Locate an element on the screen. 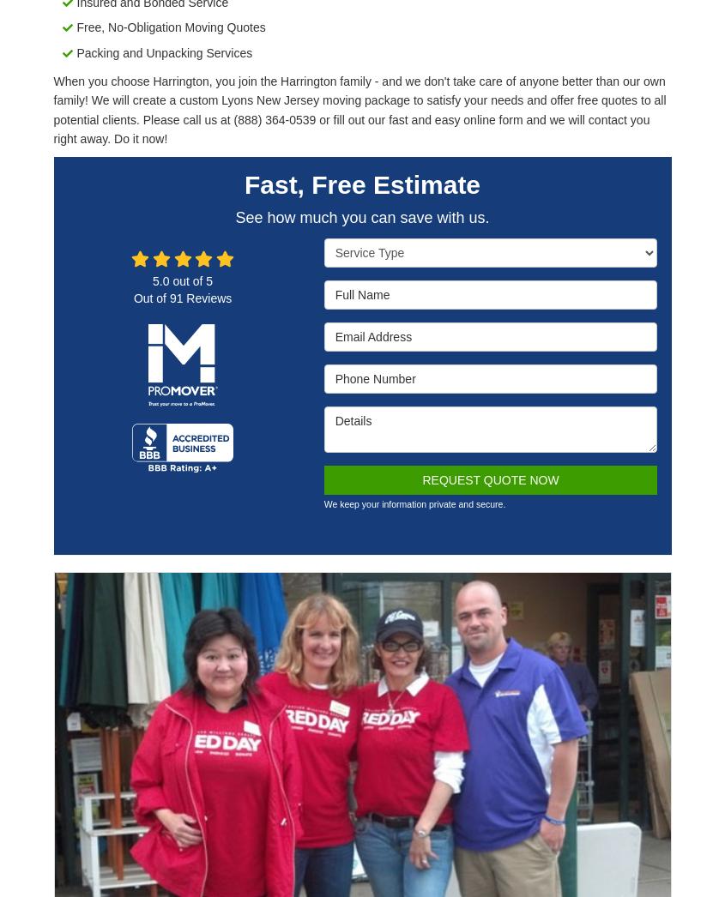 This screenshot has width=725, height=897. 'Free, No-Obligation Moving Quotes' is located at coordinates (169, 27).